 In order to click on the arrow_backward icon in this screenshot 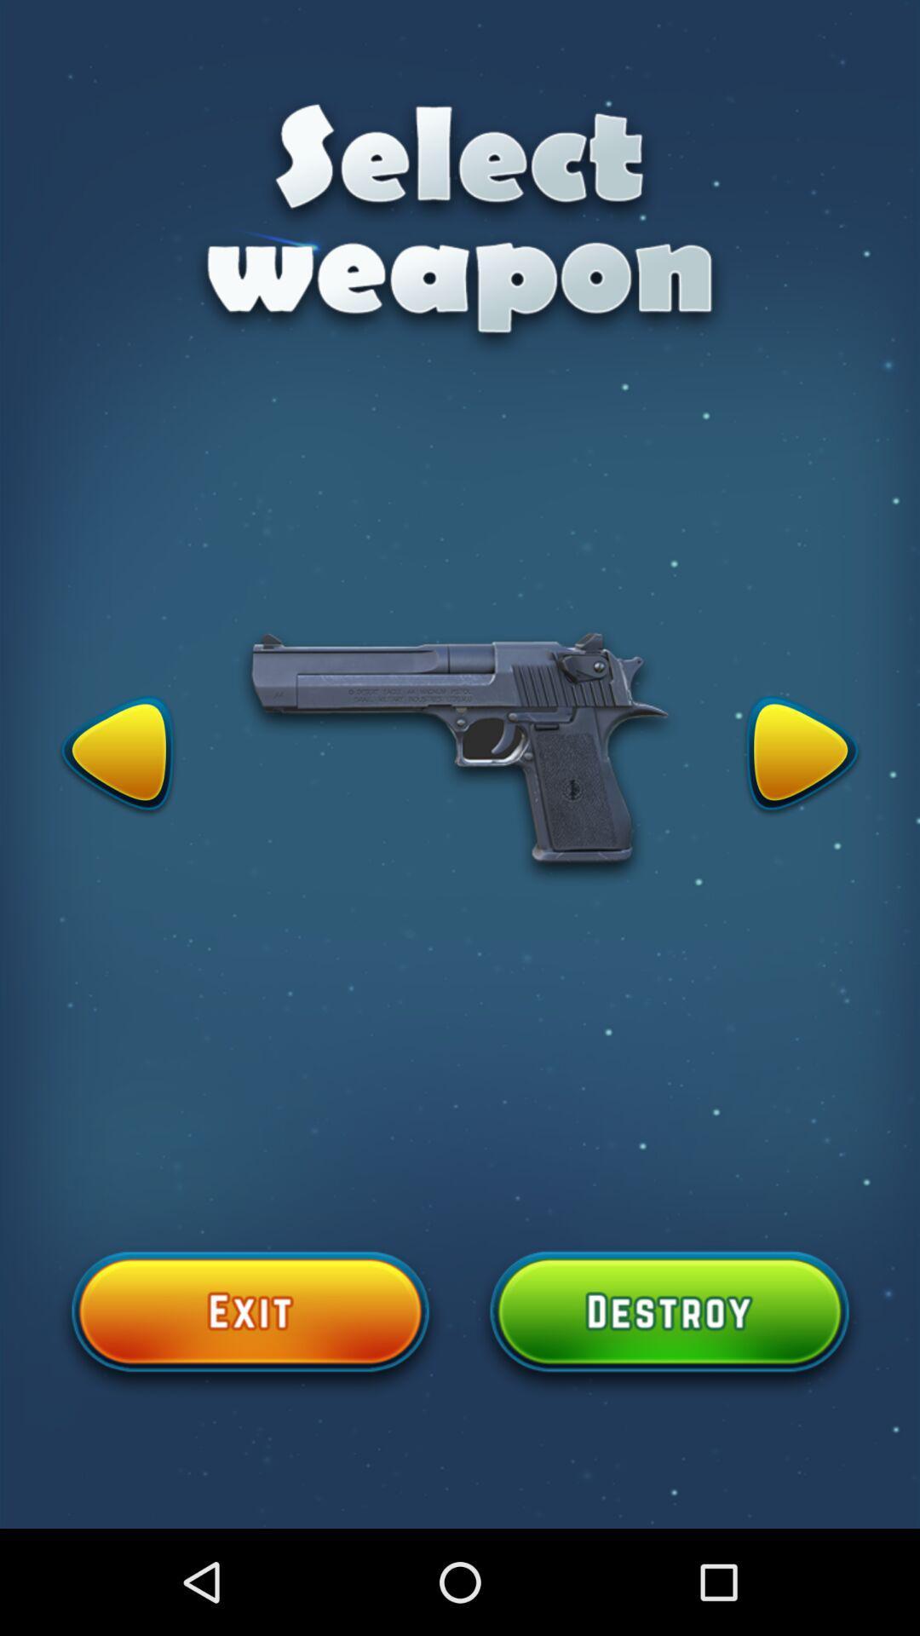, I will do `click(117, 809)`.